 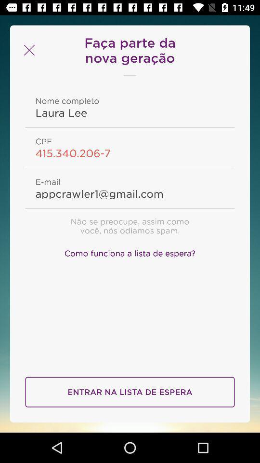 What do you see at coordinates (130, 112) in the screenshot?
I see `laura lee item` at bounding box center [130, 112].